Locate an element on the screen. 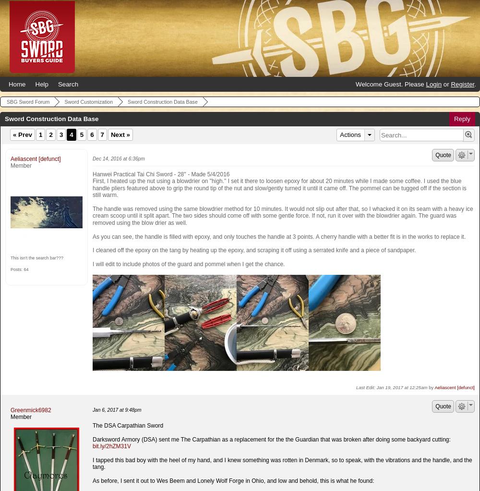  'Search' is located at coordinates (57, 84).